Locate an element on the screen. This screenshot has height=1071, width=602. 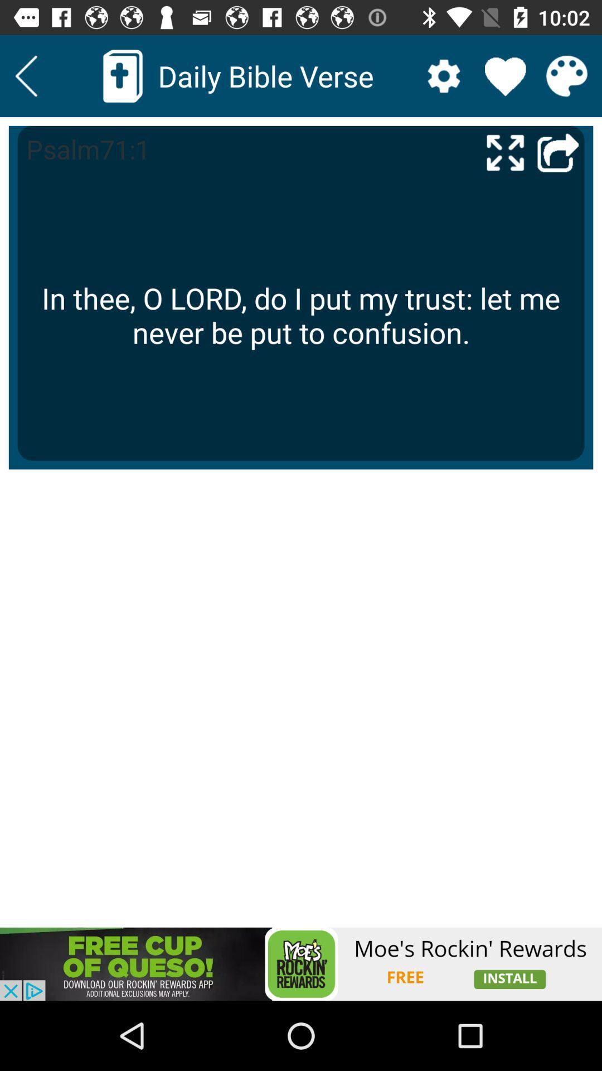
like is located at coordinates (505, 75).